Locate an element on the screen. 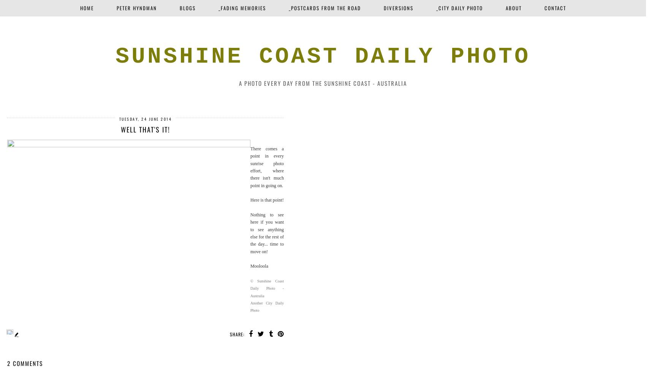 The image size is (649, 369). 'Nothing to see here if you want to see anything else for the rest of the day... time to move on!' is located at coordinates (267, 233).